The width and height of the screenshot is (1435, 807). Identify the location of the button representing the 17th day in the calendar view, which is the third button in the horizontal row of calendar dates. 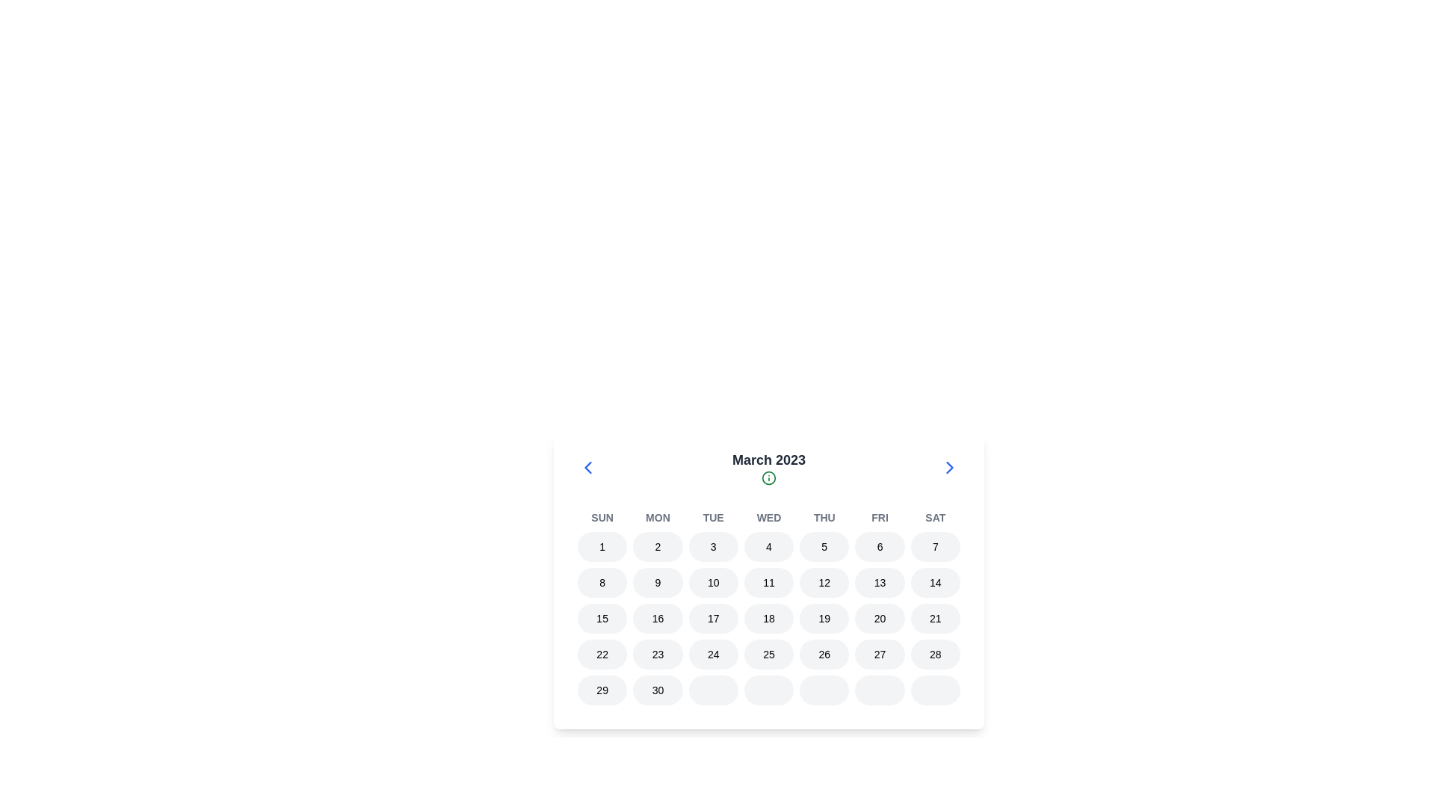
(712, 619).